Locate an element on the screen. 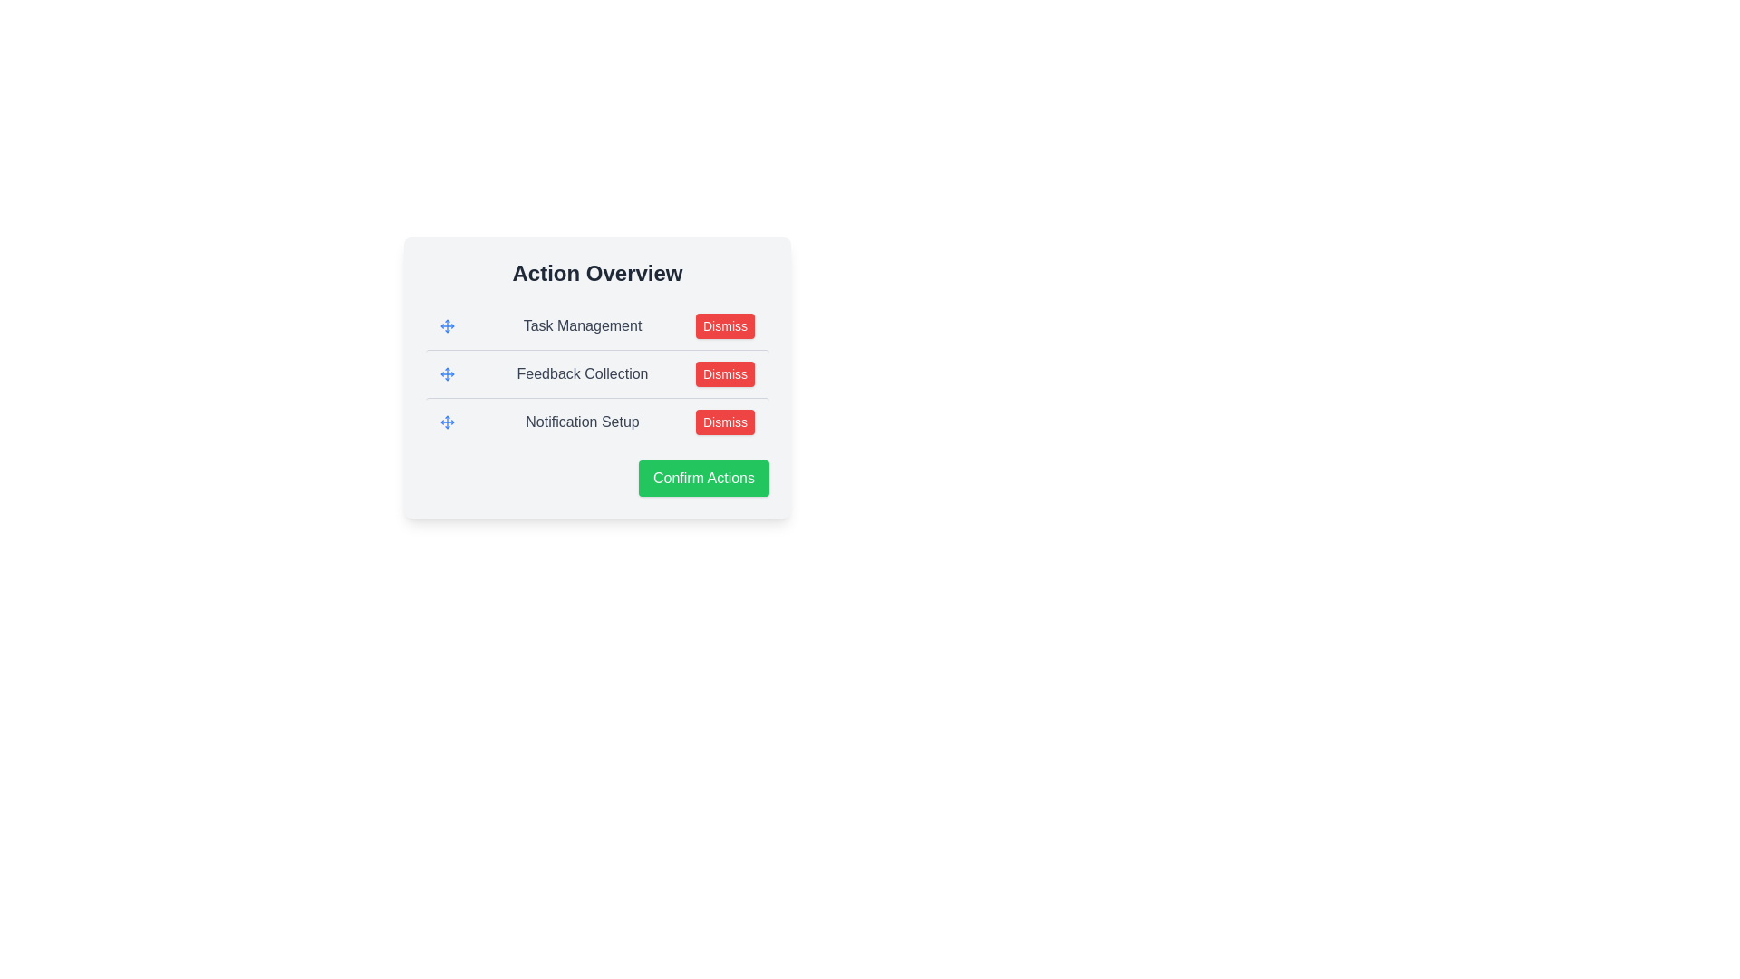 Image resolution: width=1740 pixels, height=979 pixels. the text label positioned horizontally in the second row under 'Action Overview', located between the blue plus icon on the left and the red 'Dismiss' button on the right is located at coordinates (583, 373).